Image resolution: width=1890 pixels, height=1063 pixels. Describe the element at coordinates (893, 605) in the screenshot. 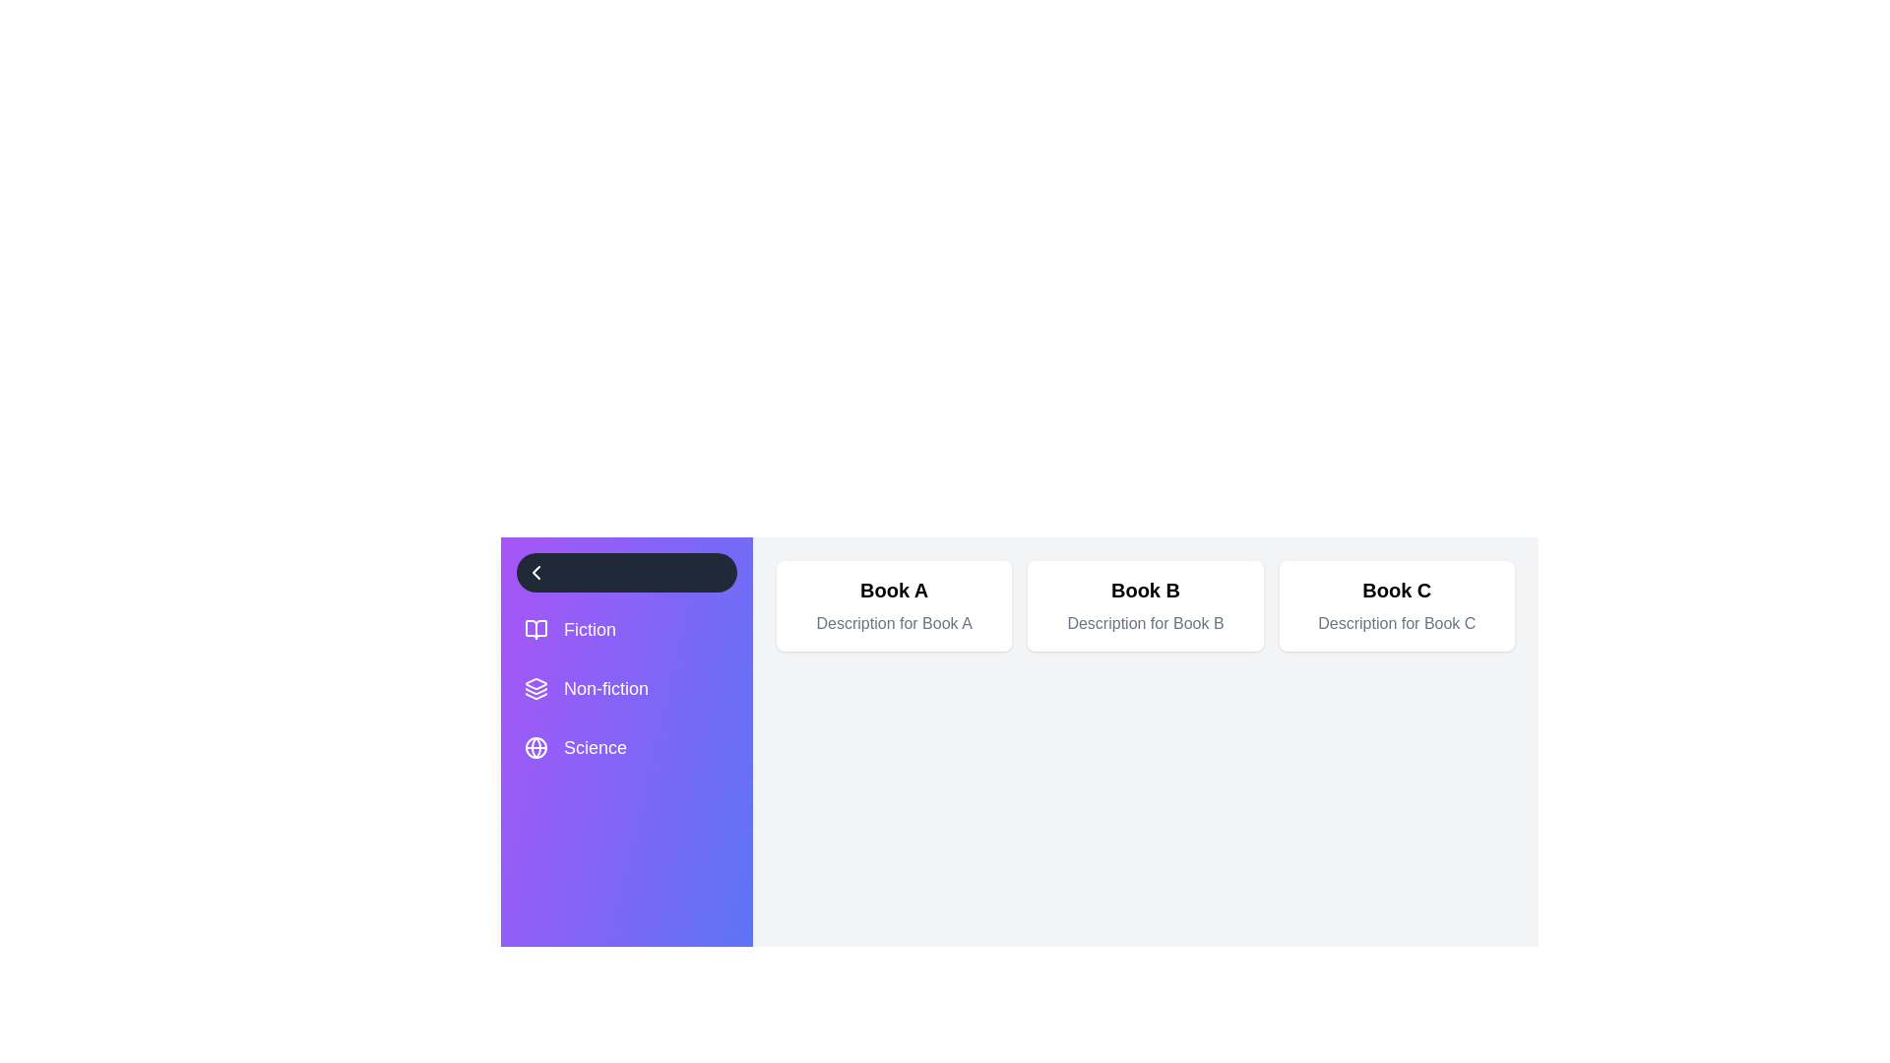

I see `the book card for Book A` at that location.